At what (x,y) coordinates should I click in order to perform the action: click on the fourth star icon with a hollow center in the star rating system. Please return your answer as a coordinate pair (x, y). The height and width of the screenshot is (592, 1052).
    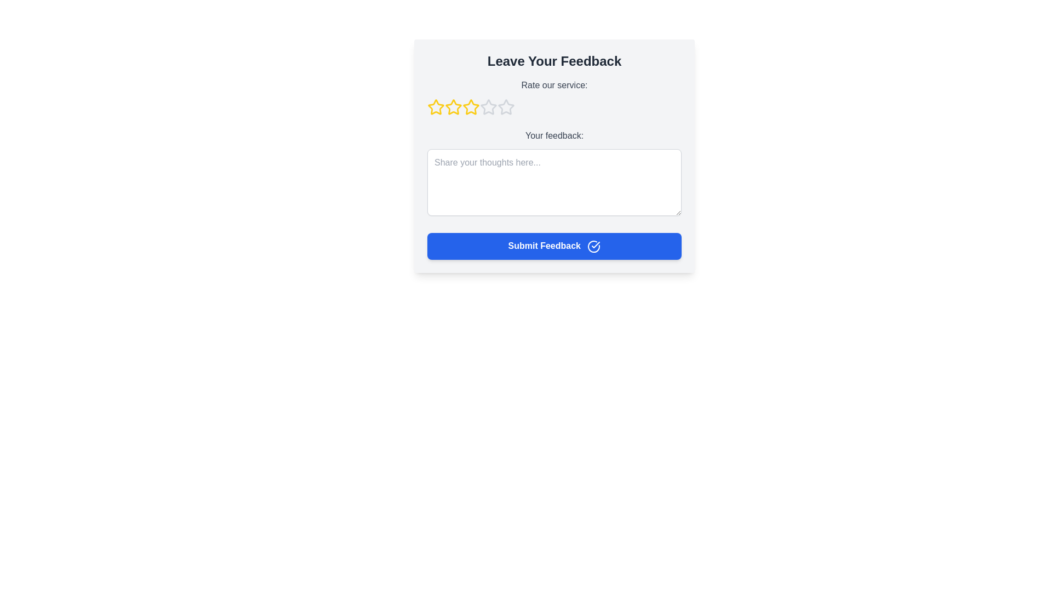
    Looking at the image, I should click on (505, 107).